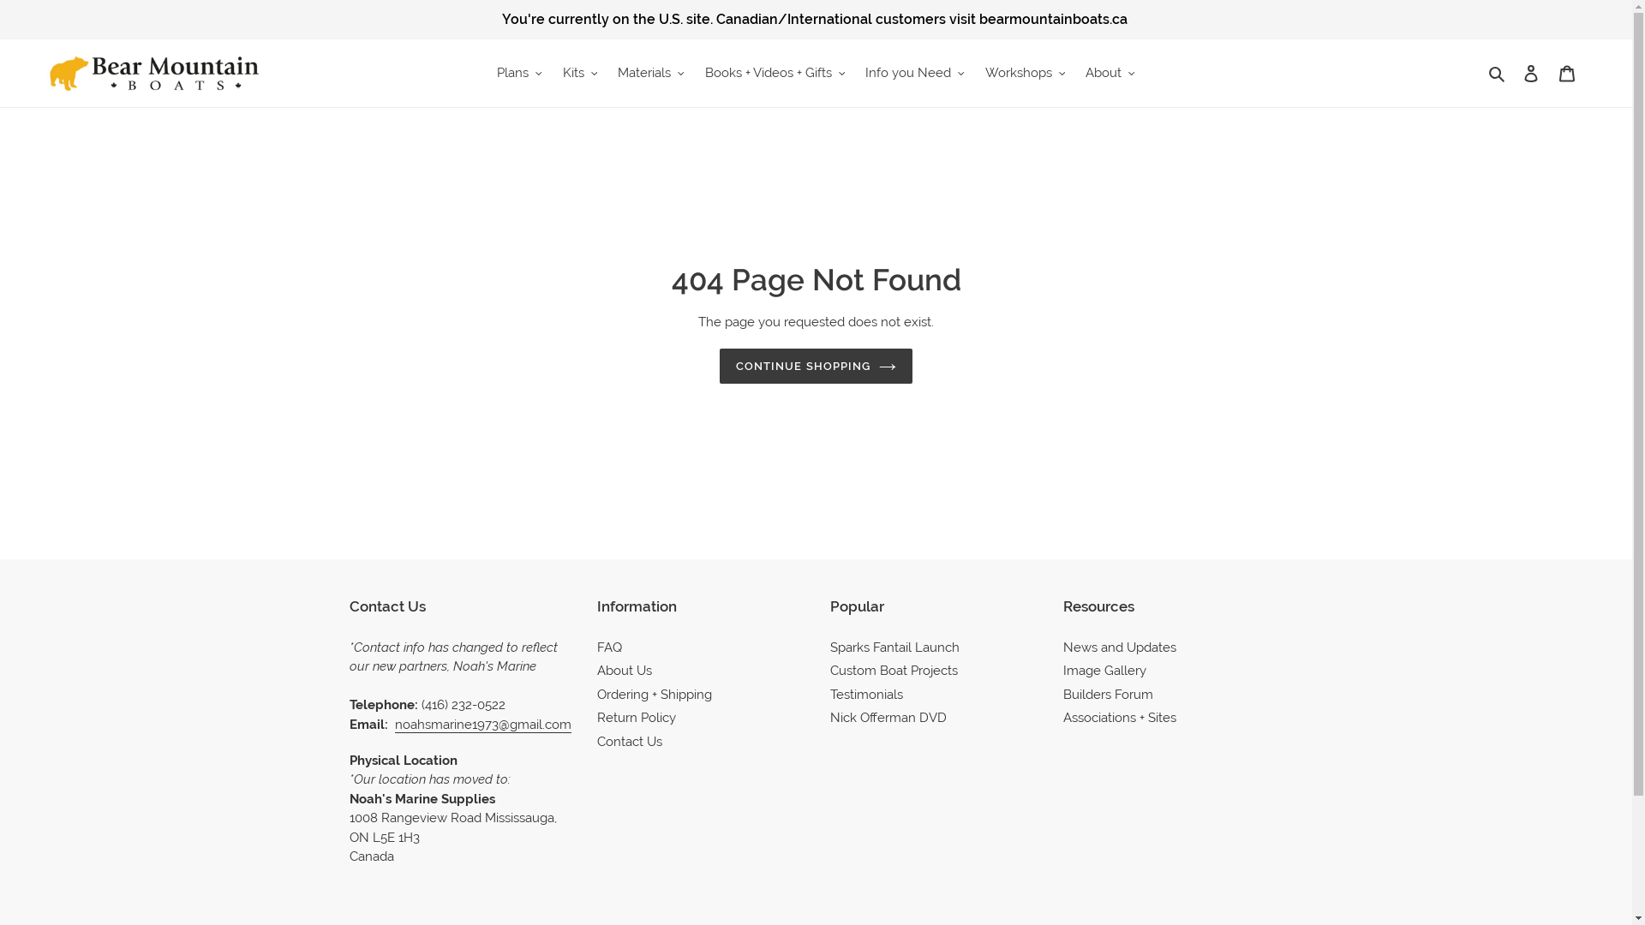  Describe the element at coordinates (518, 72) in the screenshot. I see `'Plans'` at that location.